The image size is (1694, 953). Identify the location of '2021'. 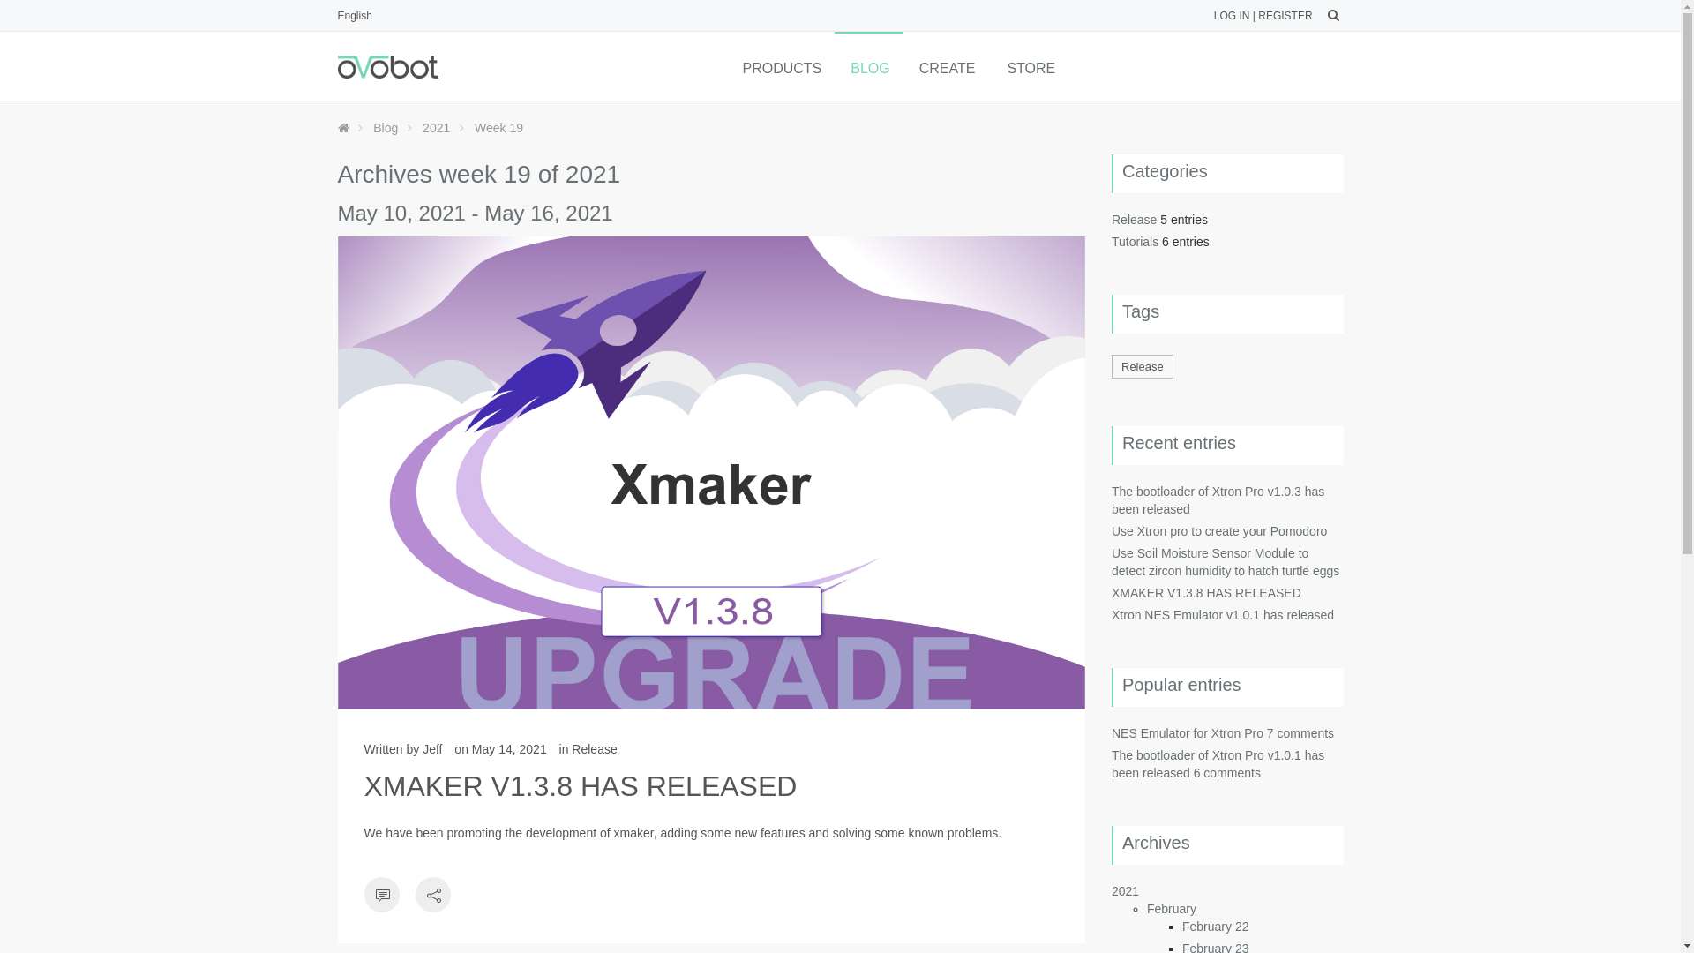
(436, 127).